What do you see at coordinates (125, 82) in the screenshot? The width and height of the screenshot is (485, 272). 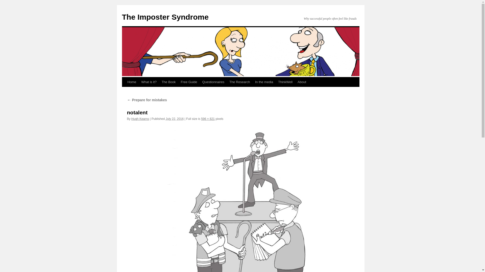 I see `'Home'` at bounding box center [125, 82].